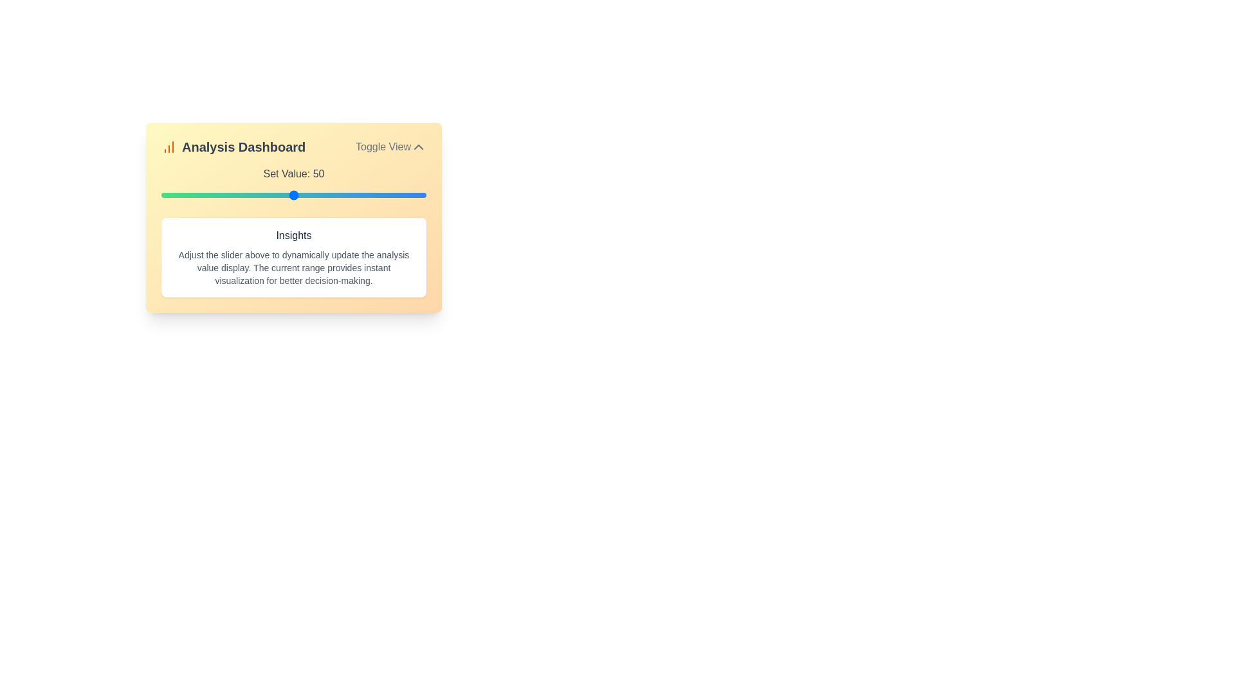 Image resolution: width=1235 pixels, height=694 pixels. What do you see at coordinates (261, 195) in the screenshot?
I see `the slider to set the value to 38` at bounding box center [261, 195].